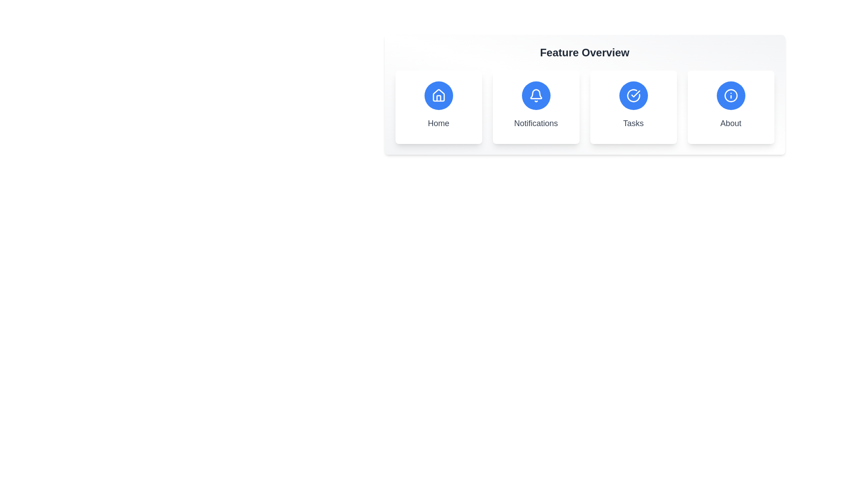 The image size is (858, 483). Describe the element at coordinates (633, 106) in the screenshot. I see `the 'Tasks' card, which is the third card from the left in a grid of four cards` at that location.